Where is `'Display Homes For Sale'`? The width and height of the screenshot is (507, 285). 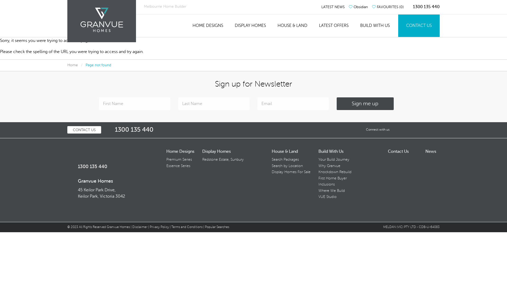
'Display Homes For Sale' is located at coordinates (291, 172).